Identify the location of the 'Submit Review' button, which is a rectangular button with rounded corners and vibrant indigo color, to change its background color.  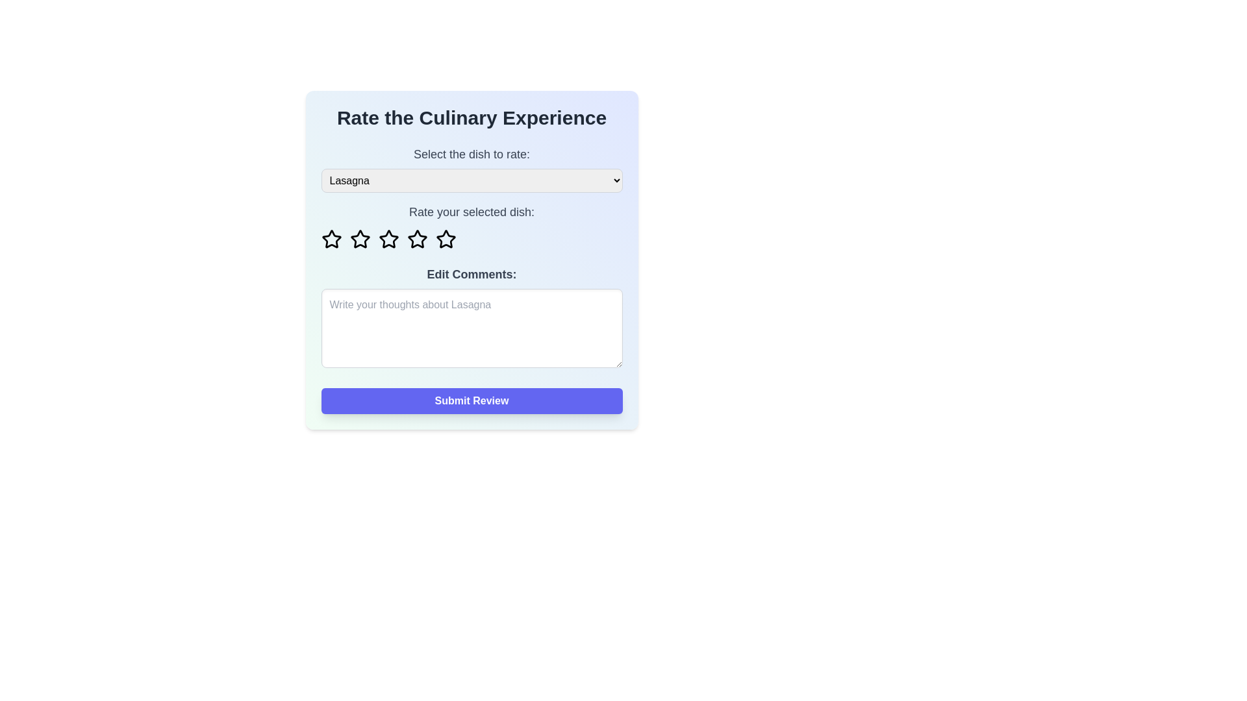
(471, 400).